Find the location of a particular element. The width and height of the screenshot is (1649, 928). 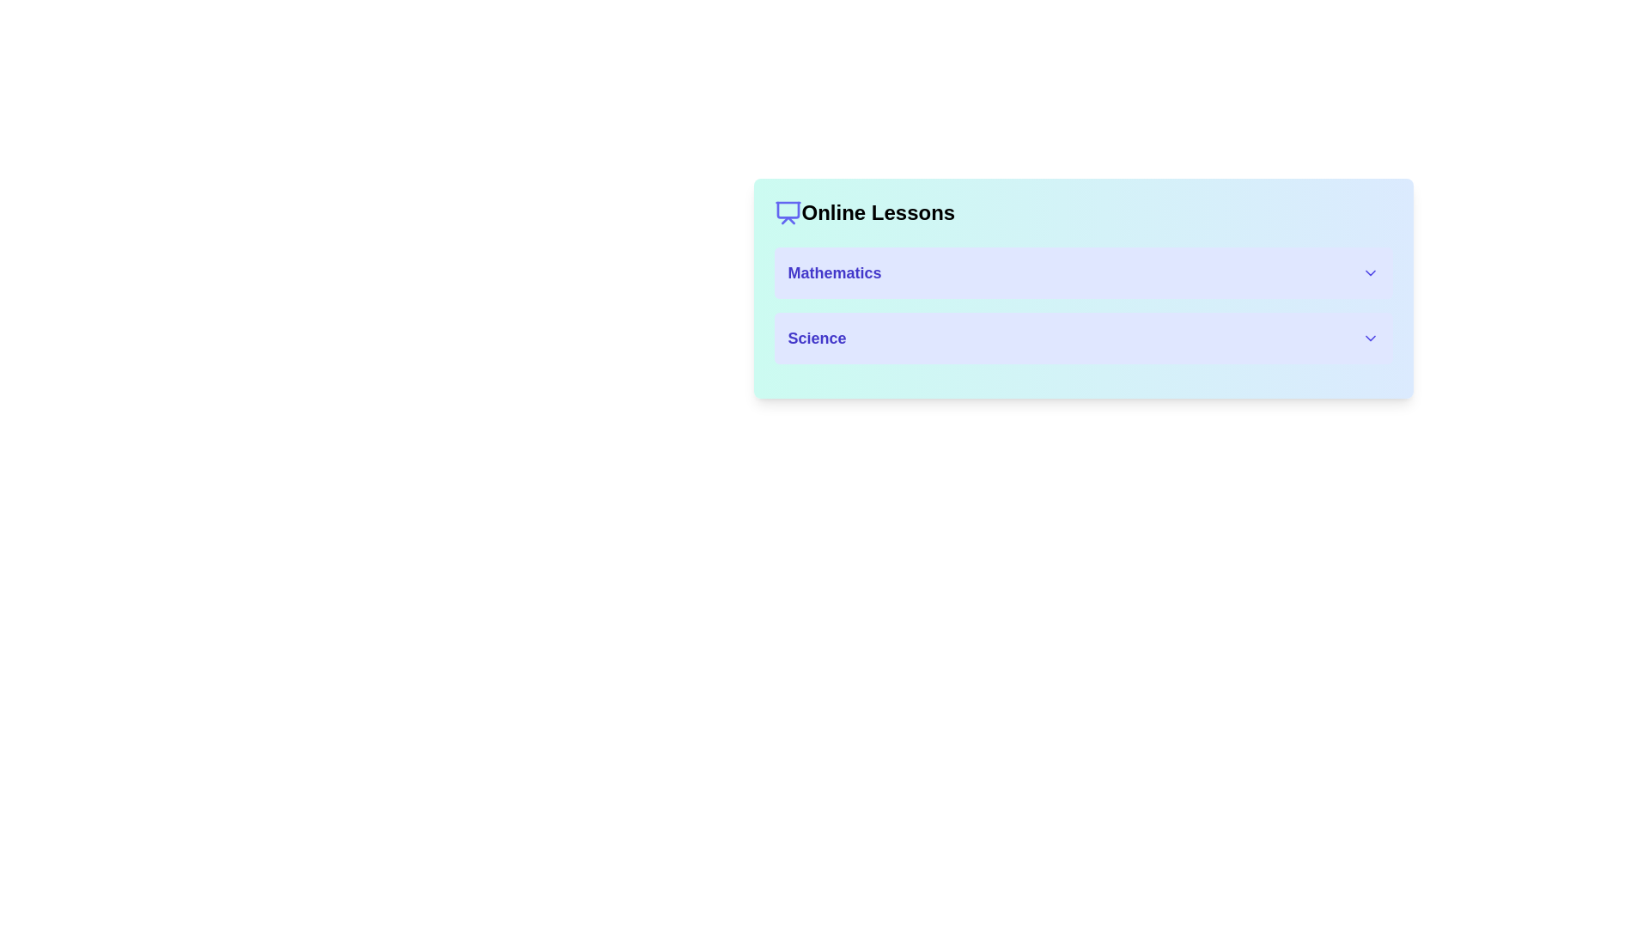

the 'Science' dropdown list item in the 'Online Lessons' section is located at coordinates (1082, 338).